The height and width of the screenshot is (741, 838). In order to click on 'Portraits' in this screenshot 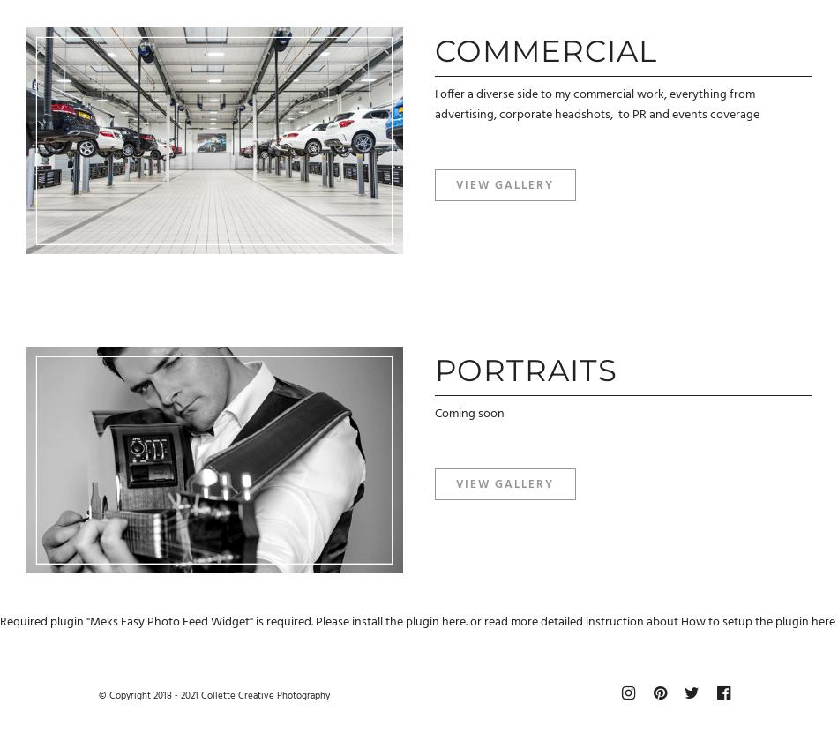, I will do `click(525, 370)`.